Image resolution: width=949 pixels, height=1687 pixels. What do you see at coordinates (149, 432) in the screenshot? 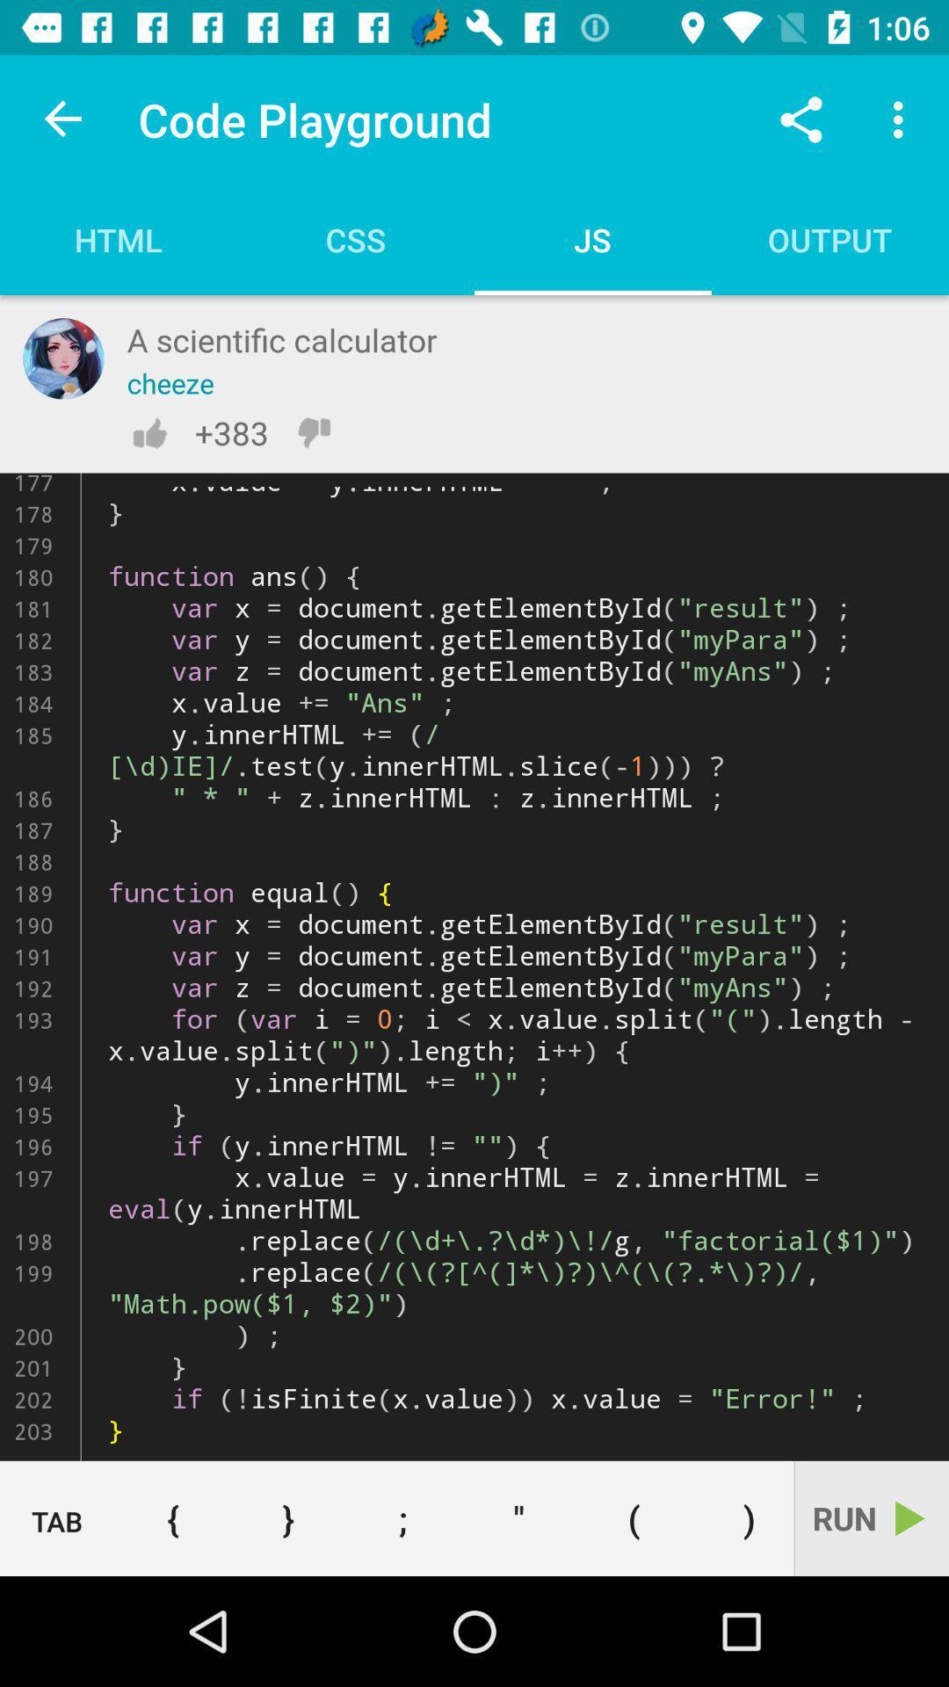
I see `the thumbs_up icon` at bounding box center [149, 432].